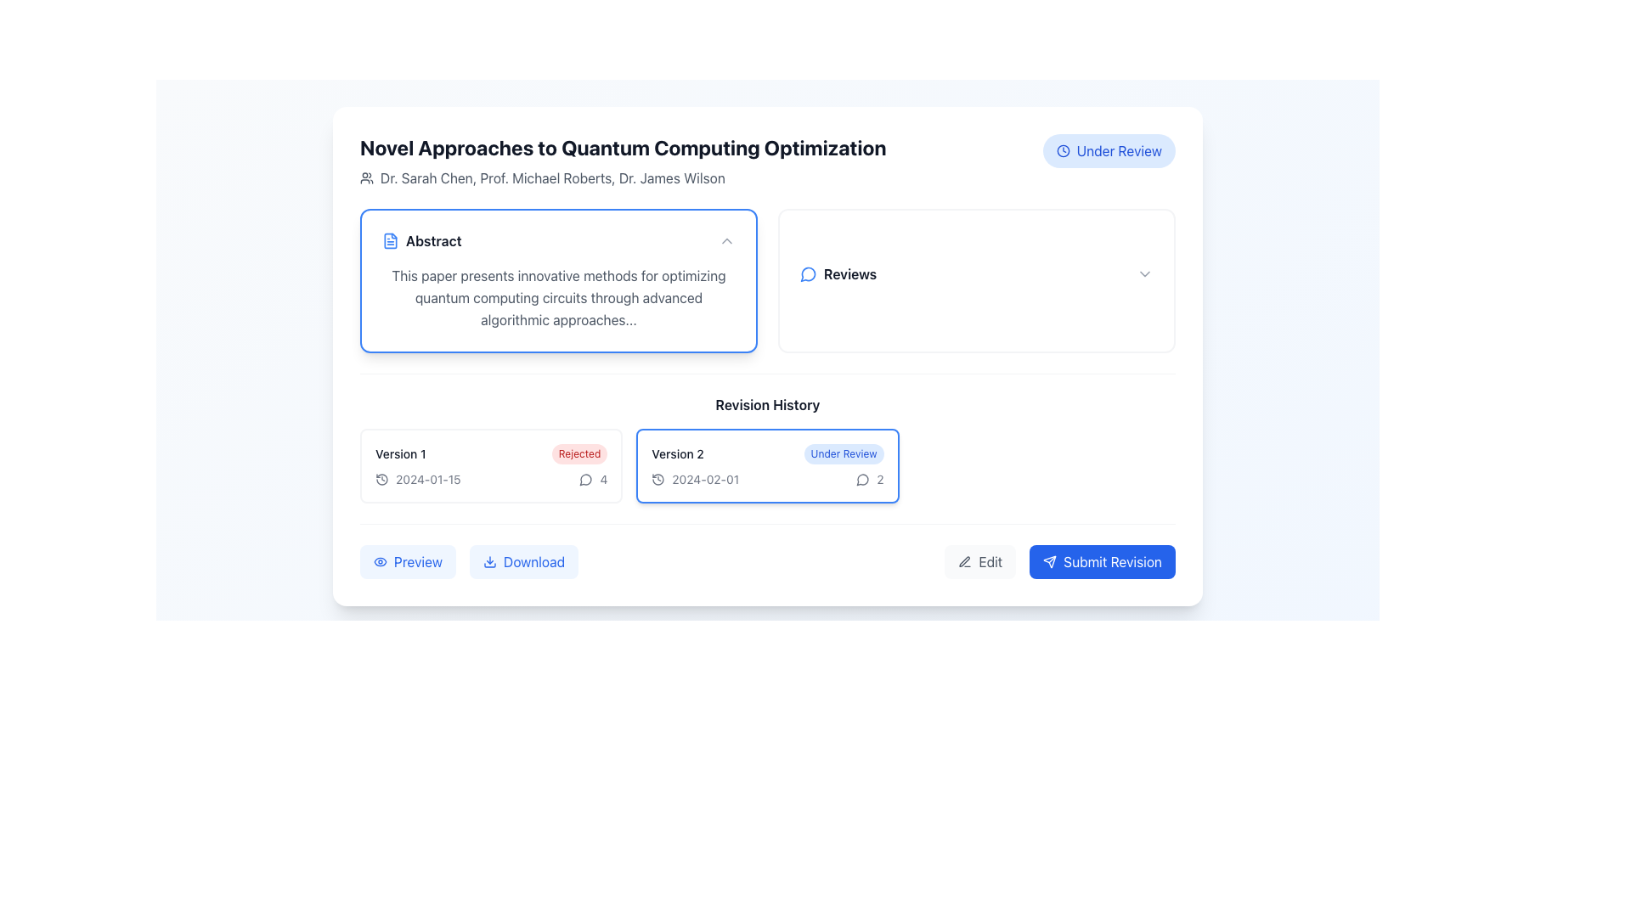  I want to click on the clock icon located inside the 'Under Review' badge at the top-right corner of the main content area, so click(1062, 149).